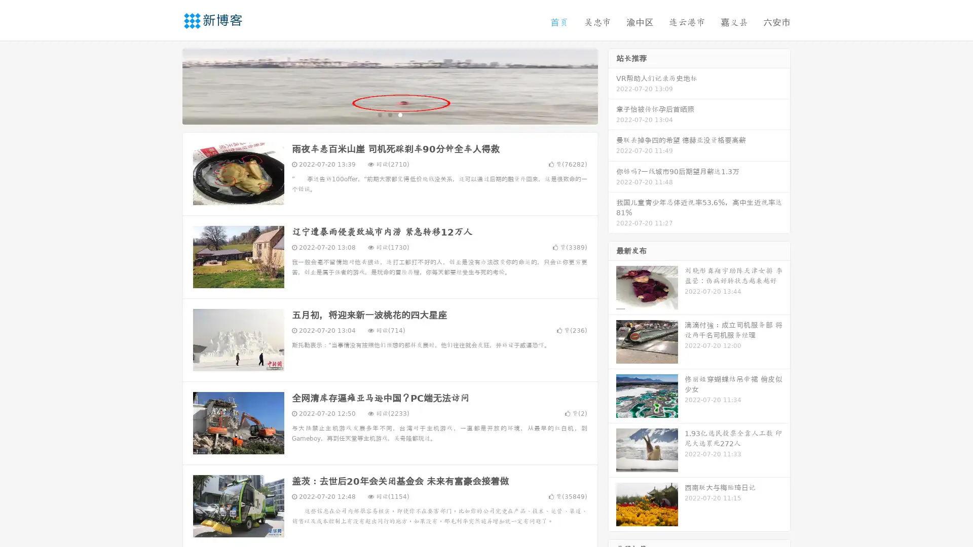 Image resolution: width=973 pixels, height=547 pixels. I want to click on Next slide, so click(612, 85).